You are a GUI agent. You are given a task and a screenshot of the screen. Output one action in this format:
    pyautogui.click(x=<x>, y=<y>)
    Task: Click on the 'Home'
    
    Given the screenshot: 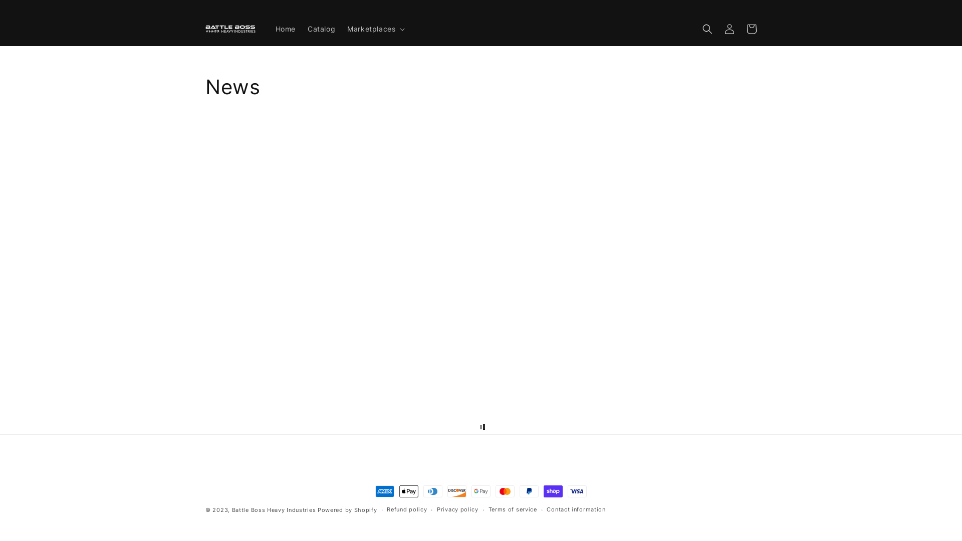 What is the action you would take?
    pyautogui.click(x=285, y=28)
    